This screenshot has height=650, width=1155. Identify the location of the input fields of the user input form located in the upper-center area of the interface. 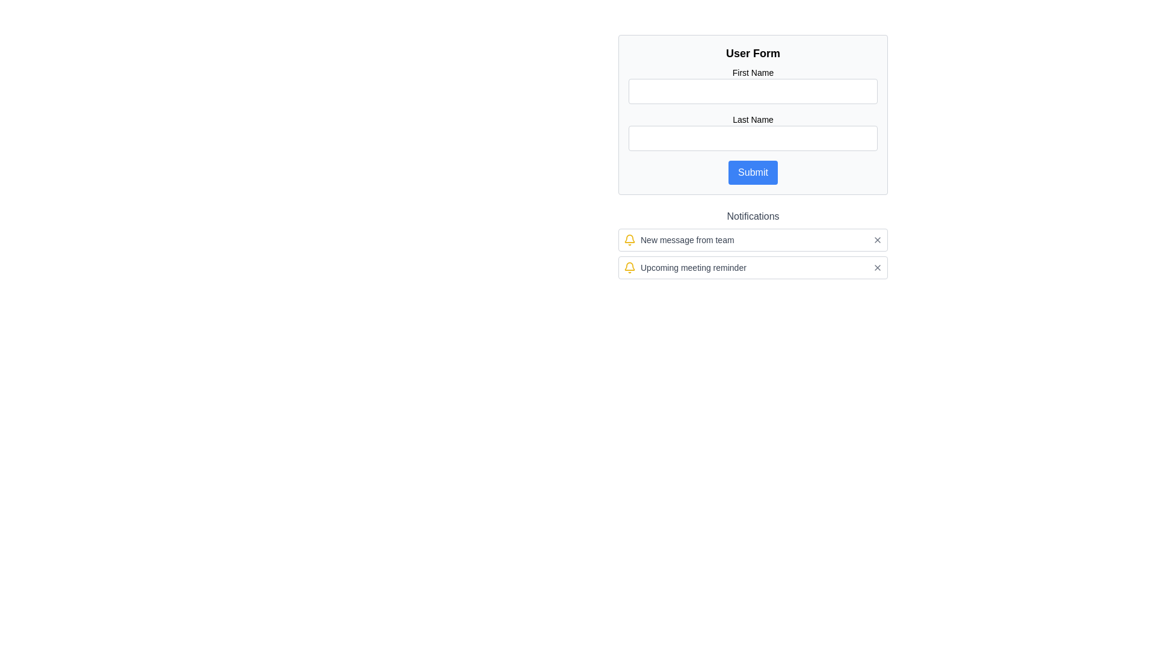
(753, 115).